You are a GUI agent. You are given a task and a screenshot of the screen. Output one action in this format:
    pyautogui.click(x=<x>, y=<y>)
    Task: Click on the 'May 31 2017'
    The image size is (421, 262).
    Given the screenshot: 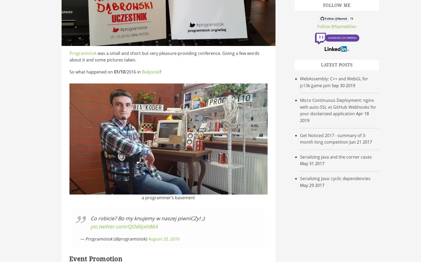 What is the action you would take?
    pyautogui.click(x=312, y=163)
    